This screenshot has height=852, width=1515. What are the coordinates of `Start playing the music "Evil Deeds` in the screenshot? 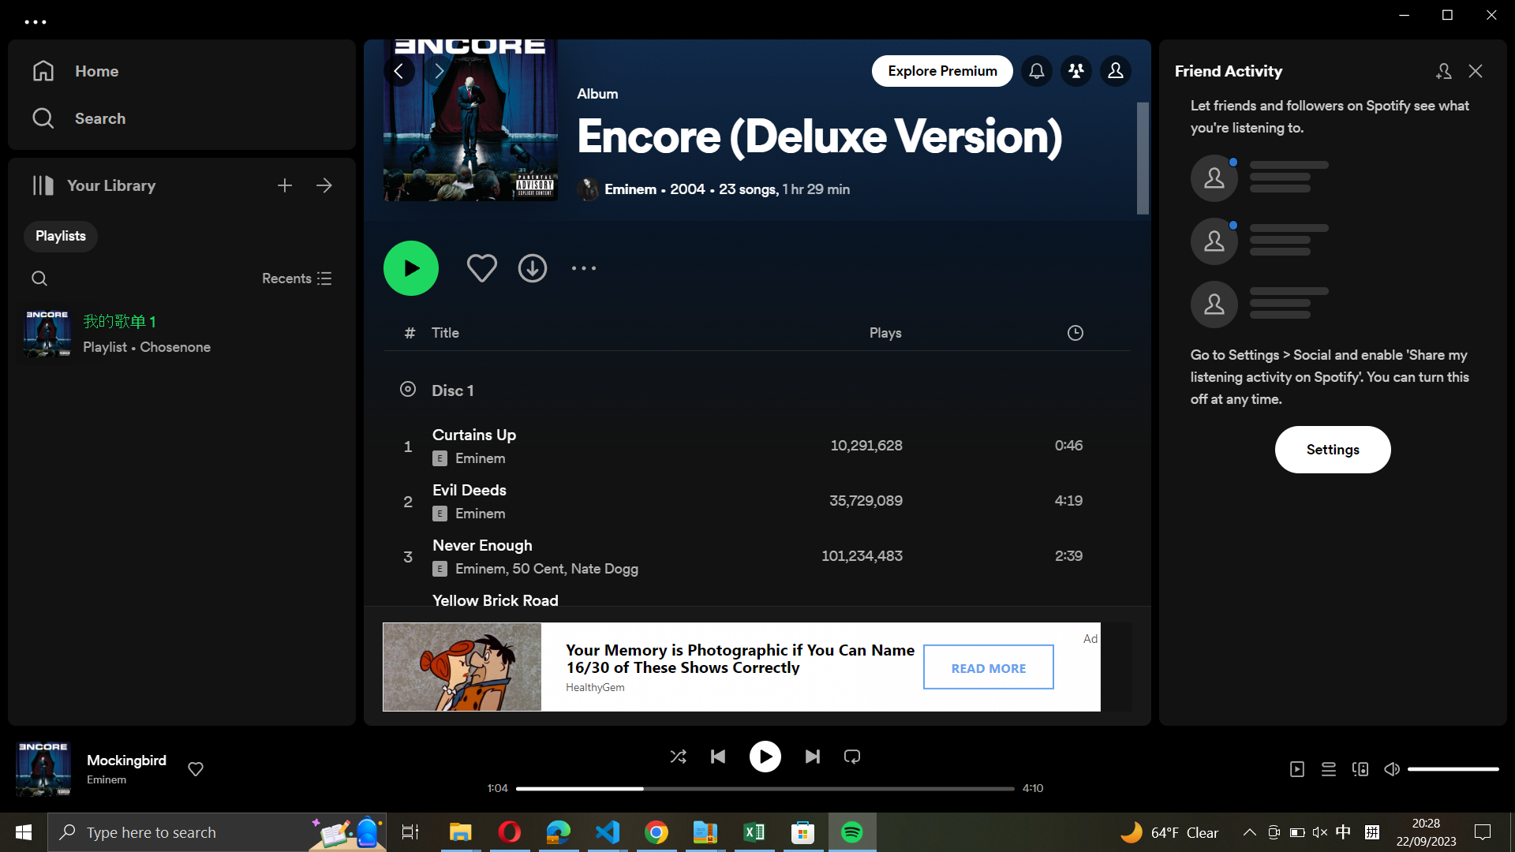 It's located at (755, 503).